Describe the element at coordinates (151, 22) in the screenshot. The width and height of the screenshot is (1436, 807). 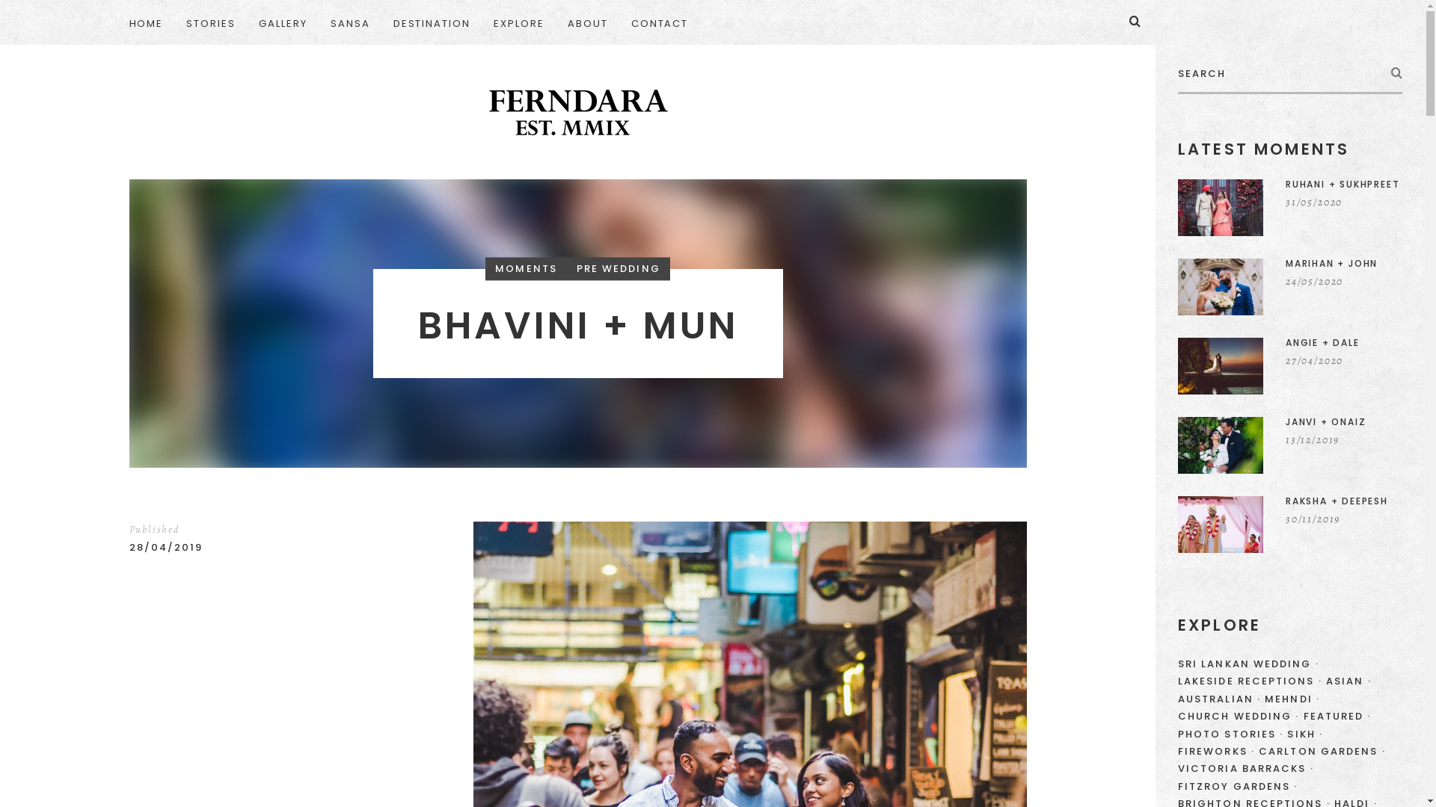
I see `'HOME'` at that location.